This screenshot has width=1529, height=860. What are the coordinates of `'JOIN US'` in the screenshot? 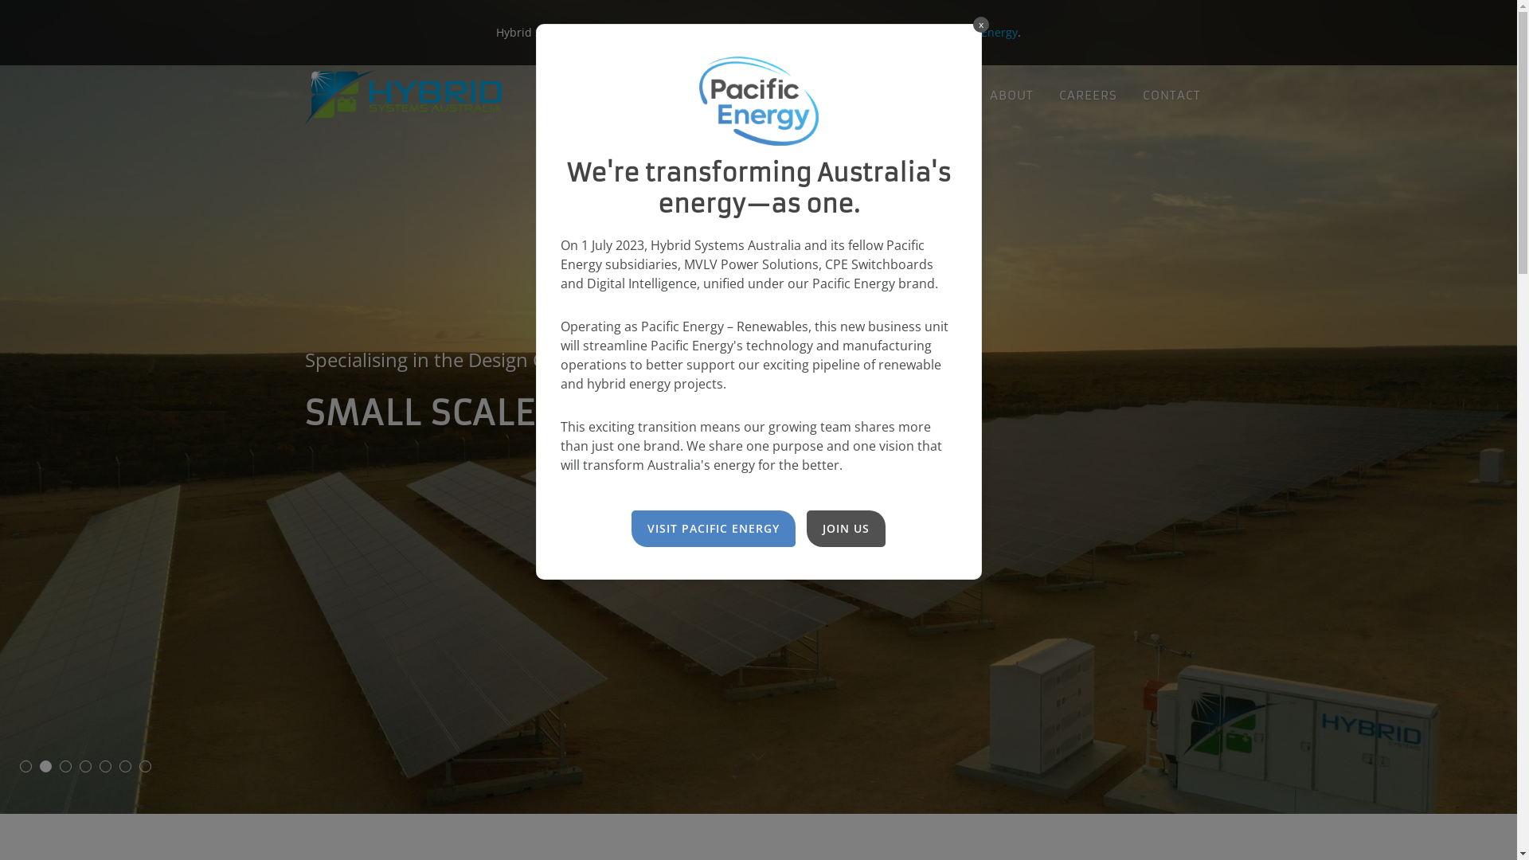 It's located at (845, 528).